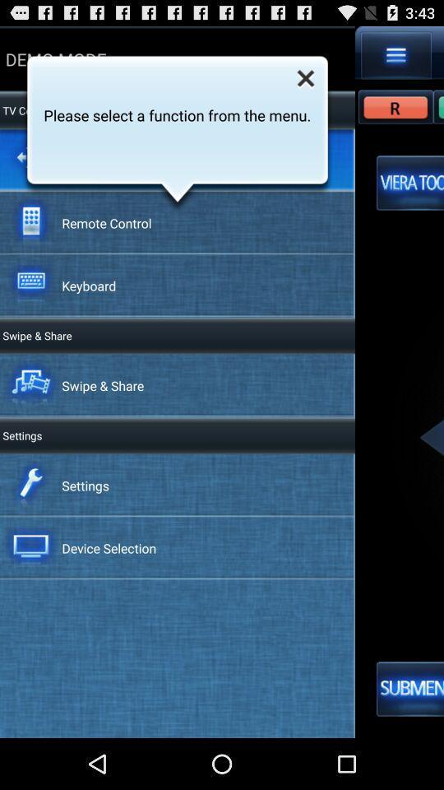 This screenshot has height=790, width=444. Describe the element at coordinates (395, 58) in the screenshot. I see `the menu icon` at that location.